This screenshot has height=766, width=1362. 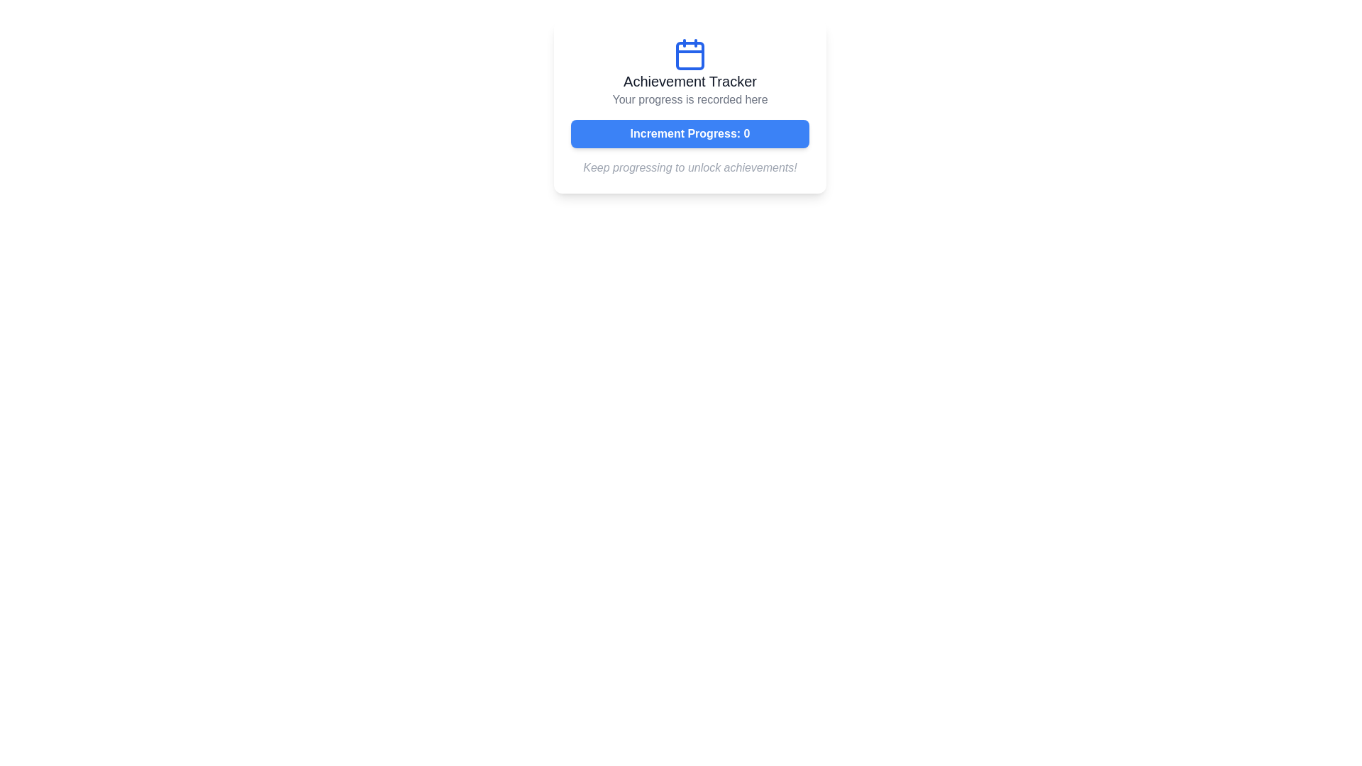 I want to click on the light gray text label displaying 'Your progress is recorded here', which is centrally aligned below the 'Achievement Tracker' title, so click(x=690, y=99).